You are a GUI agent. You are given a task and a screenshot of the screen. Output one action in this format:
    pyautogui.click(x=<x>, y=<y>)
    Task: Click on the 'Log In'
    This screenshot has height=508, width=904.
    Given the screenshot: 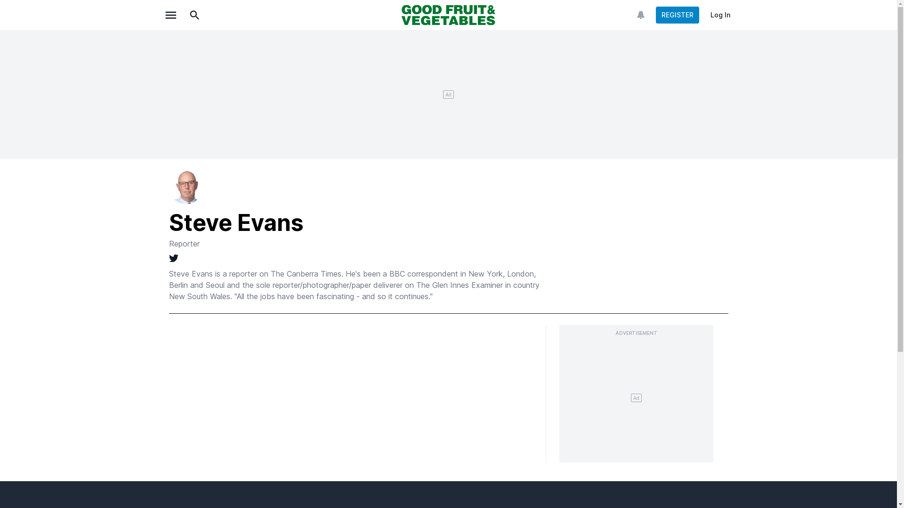 What is the action you would take?
    pyautogui.click(x=719, y=15)
    